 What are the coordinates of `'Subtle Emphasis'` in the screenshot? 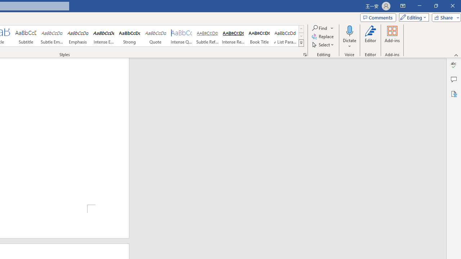 It's located at (52, 36).